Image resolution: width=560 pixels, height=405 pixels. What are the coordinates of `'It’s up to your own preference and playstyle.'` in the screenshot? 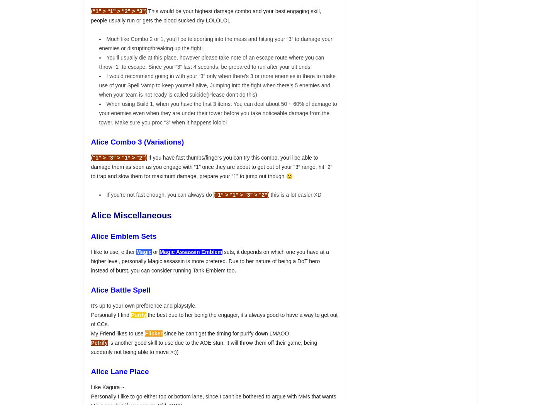 It's located at (90, 305).